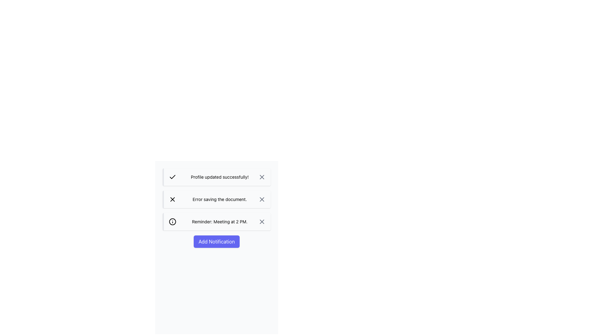  Describe the element at coordinates (173, 221) in the screenshot. I see `the circular SVG element that represents the notification icon for 'Reminder: Meeting at 2 PM' located in the third notification box` at that location.